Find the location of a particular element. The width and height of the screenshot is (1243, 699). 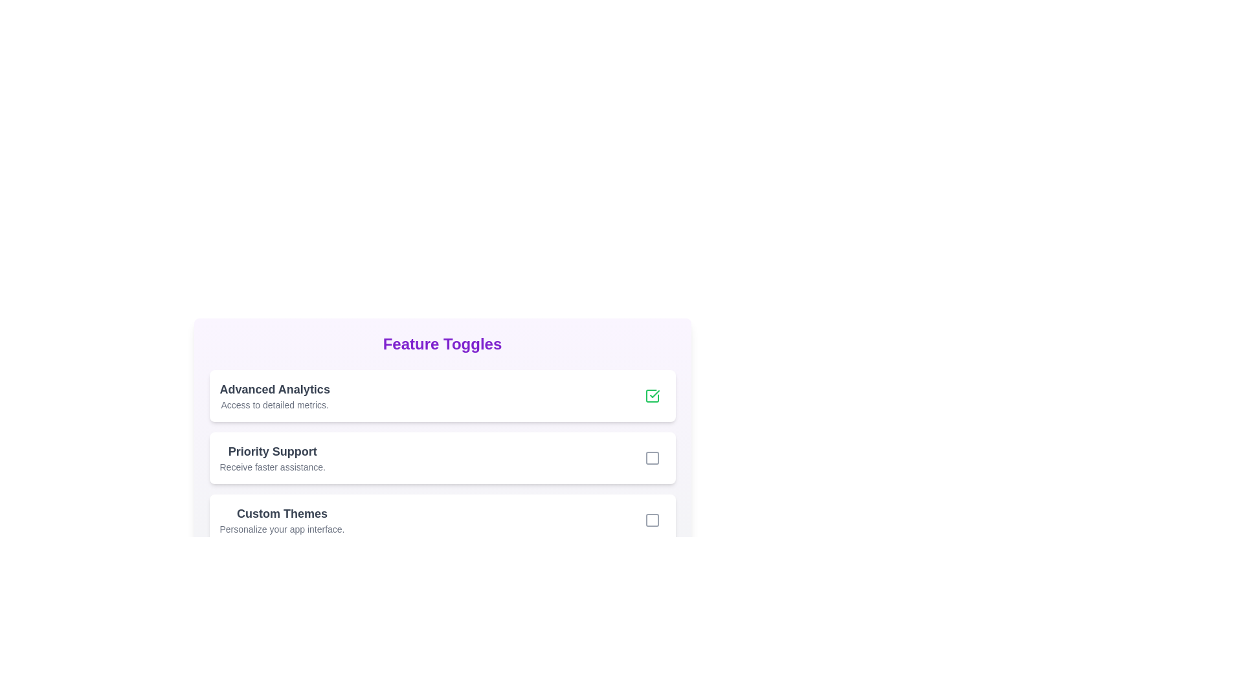

the bold, large-sized text labeled 'Advanced Analytics' which is part of the feature toggle list and located at the top of the section is located at coordinates (274, 388).